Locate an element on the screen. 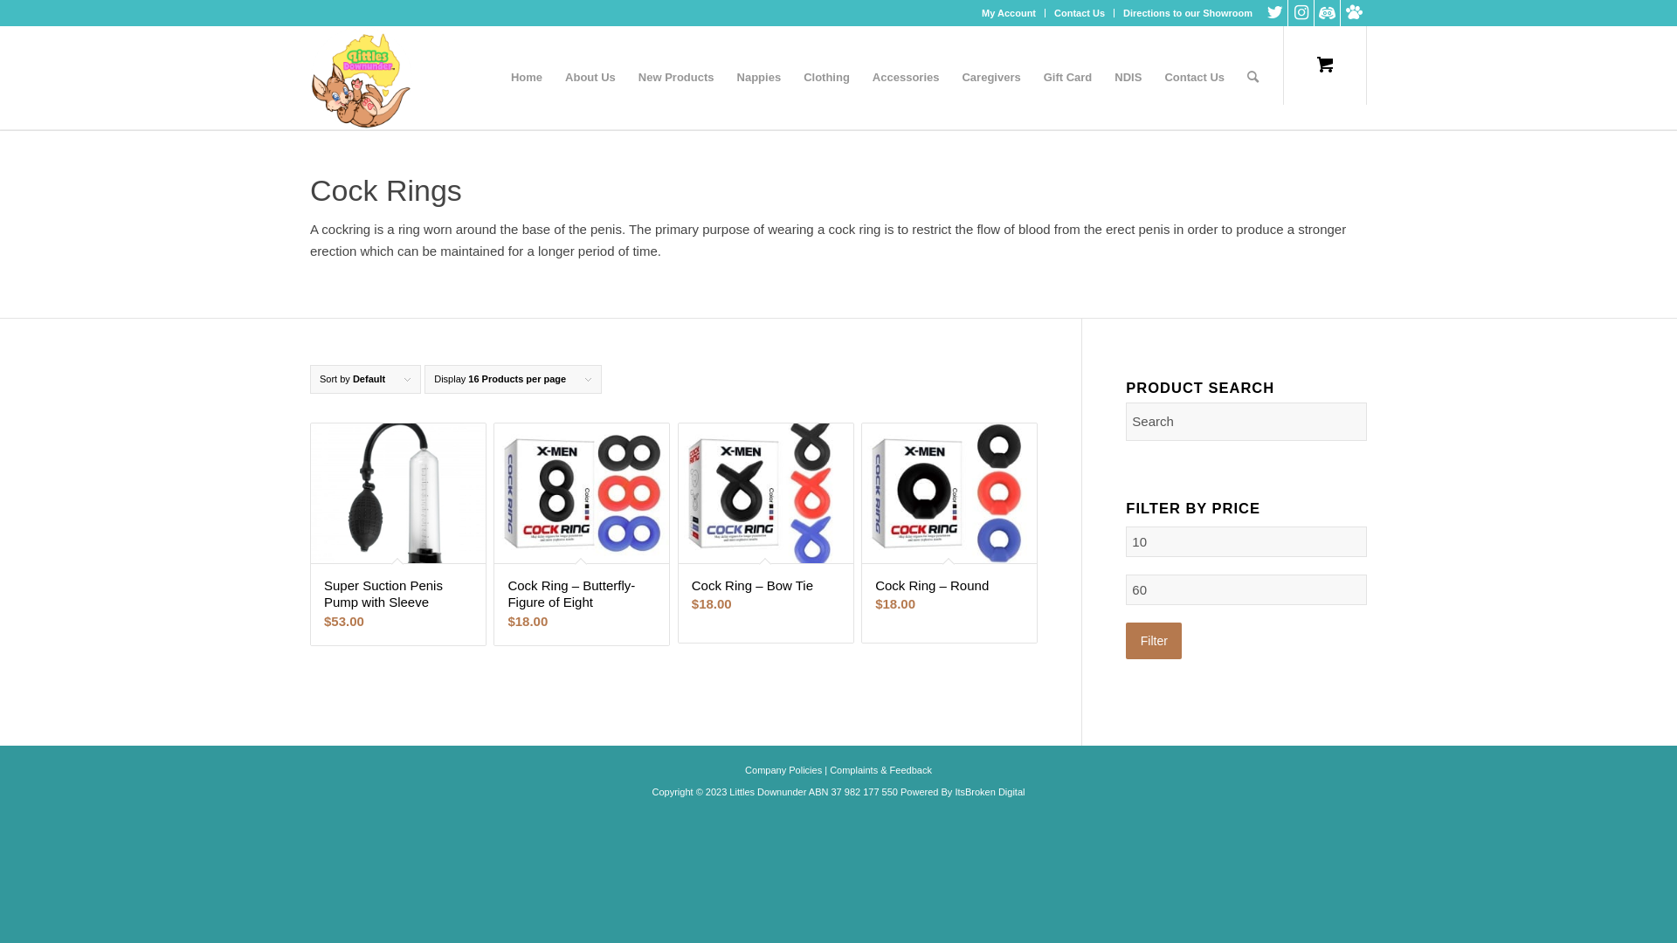  'ItsBroken Digital' is located at coordinates (954, 791).